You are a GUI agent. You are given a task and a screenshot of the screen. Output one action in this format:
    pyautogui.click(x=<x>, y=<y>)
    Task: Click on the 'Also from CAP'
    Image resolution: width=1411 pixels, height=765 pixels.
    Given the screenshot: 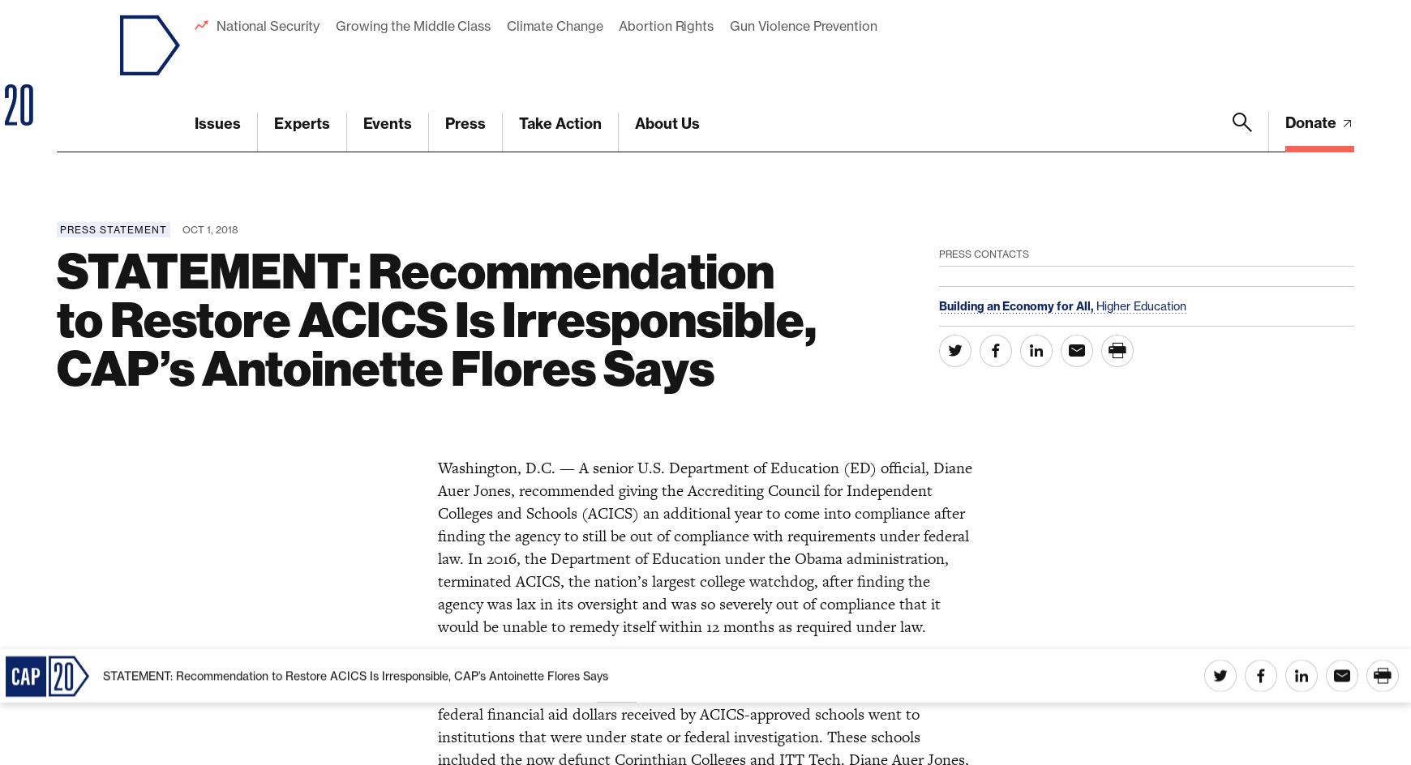 What is the action you would take?
    pyautogui.click(x=55, y=741)
    